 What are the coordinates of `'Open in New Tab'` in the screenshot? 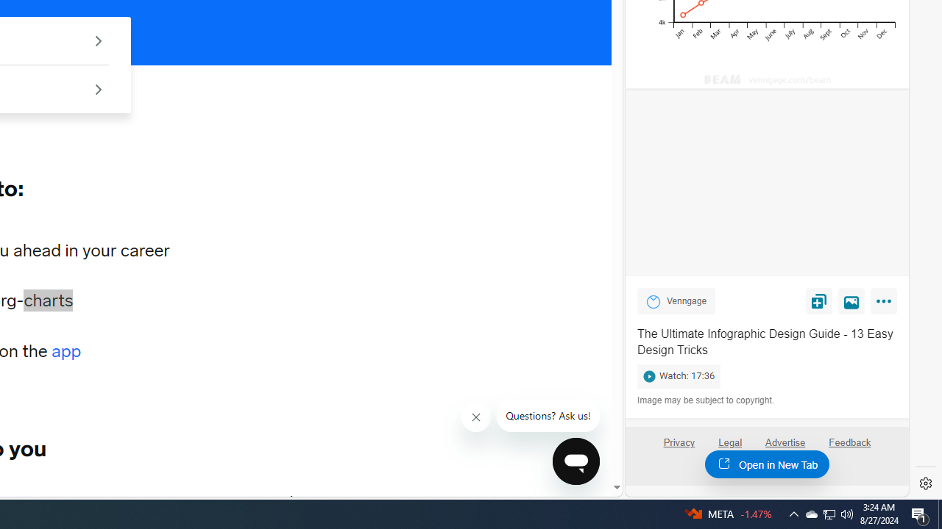 It's located at (766, 464).